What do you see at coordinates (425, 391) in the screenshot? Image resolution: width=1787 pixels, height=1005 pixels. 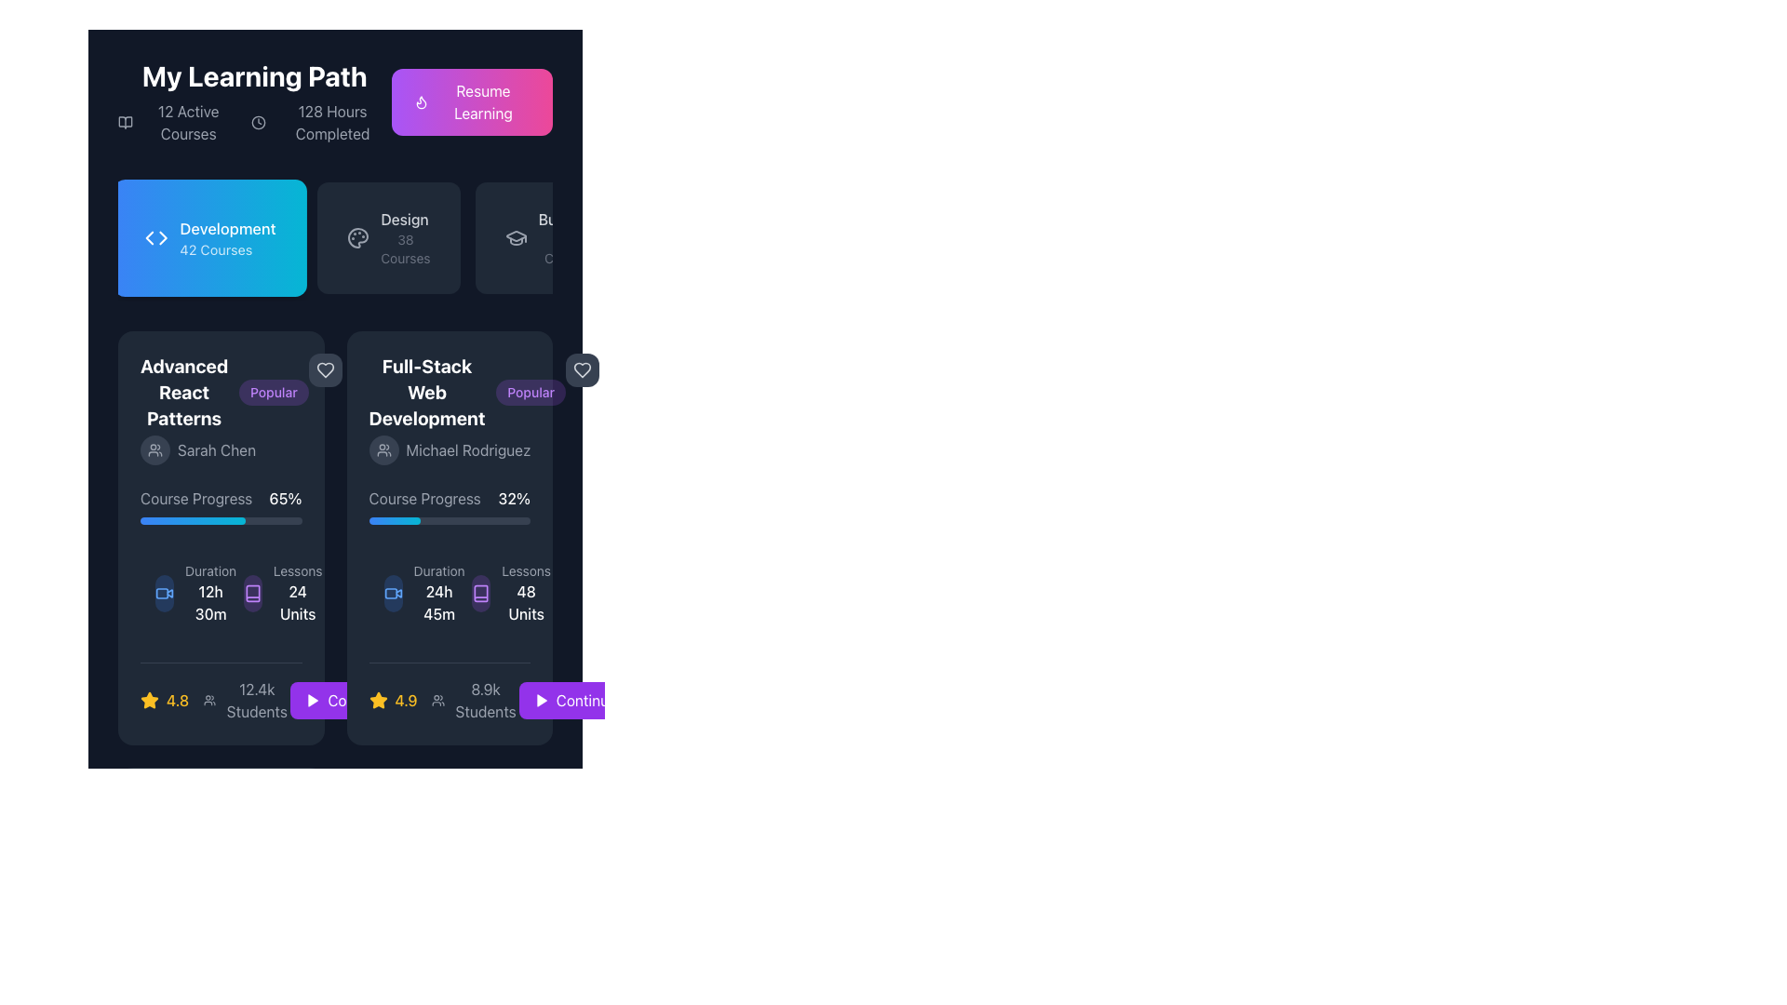 I see `the bold, white text label saying 'Full-Stack Web Development' positioned at the top of the course module card, located in the second column of the course listing layout` at bounding box center [425, 391].